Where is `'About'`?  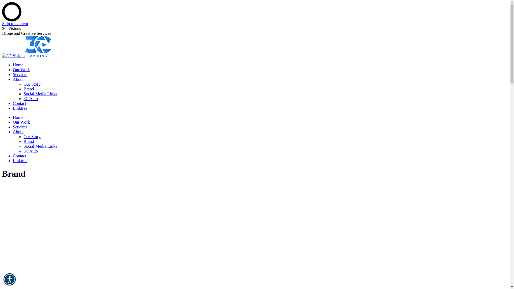
'About' is located at coordinates (18, 132).